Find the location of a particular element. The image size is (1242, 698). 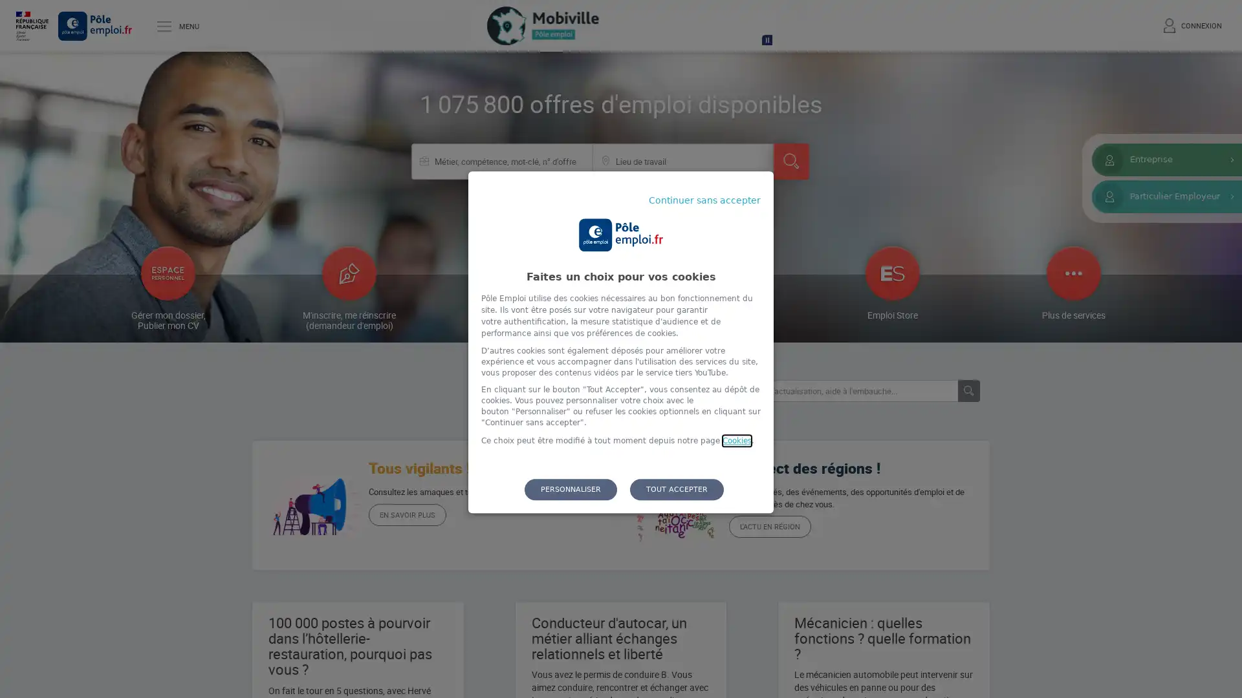

Personnaliser les parametres de confidentialite is located at coordinates (570, 489).